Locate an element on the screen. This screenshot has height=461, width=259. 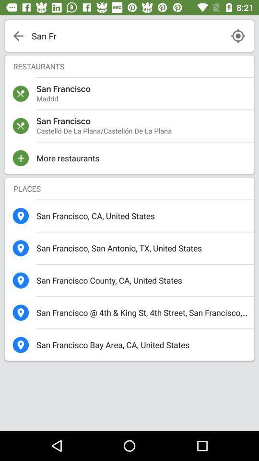
back to previous is located at coordinates (18, 36).